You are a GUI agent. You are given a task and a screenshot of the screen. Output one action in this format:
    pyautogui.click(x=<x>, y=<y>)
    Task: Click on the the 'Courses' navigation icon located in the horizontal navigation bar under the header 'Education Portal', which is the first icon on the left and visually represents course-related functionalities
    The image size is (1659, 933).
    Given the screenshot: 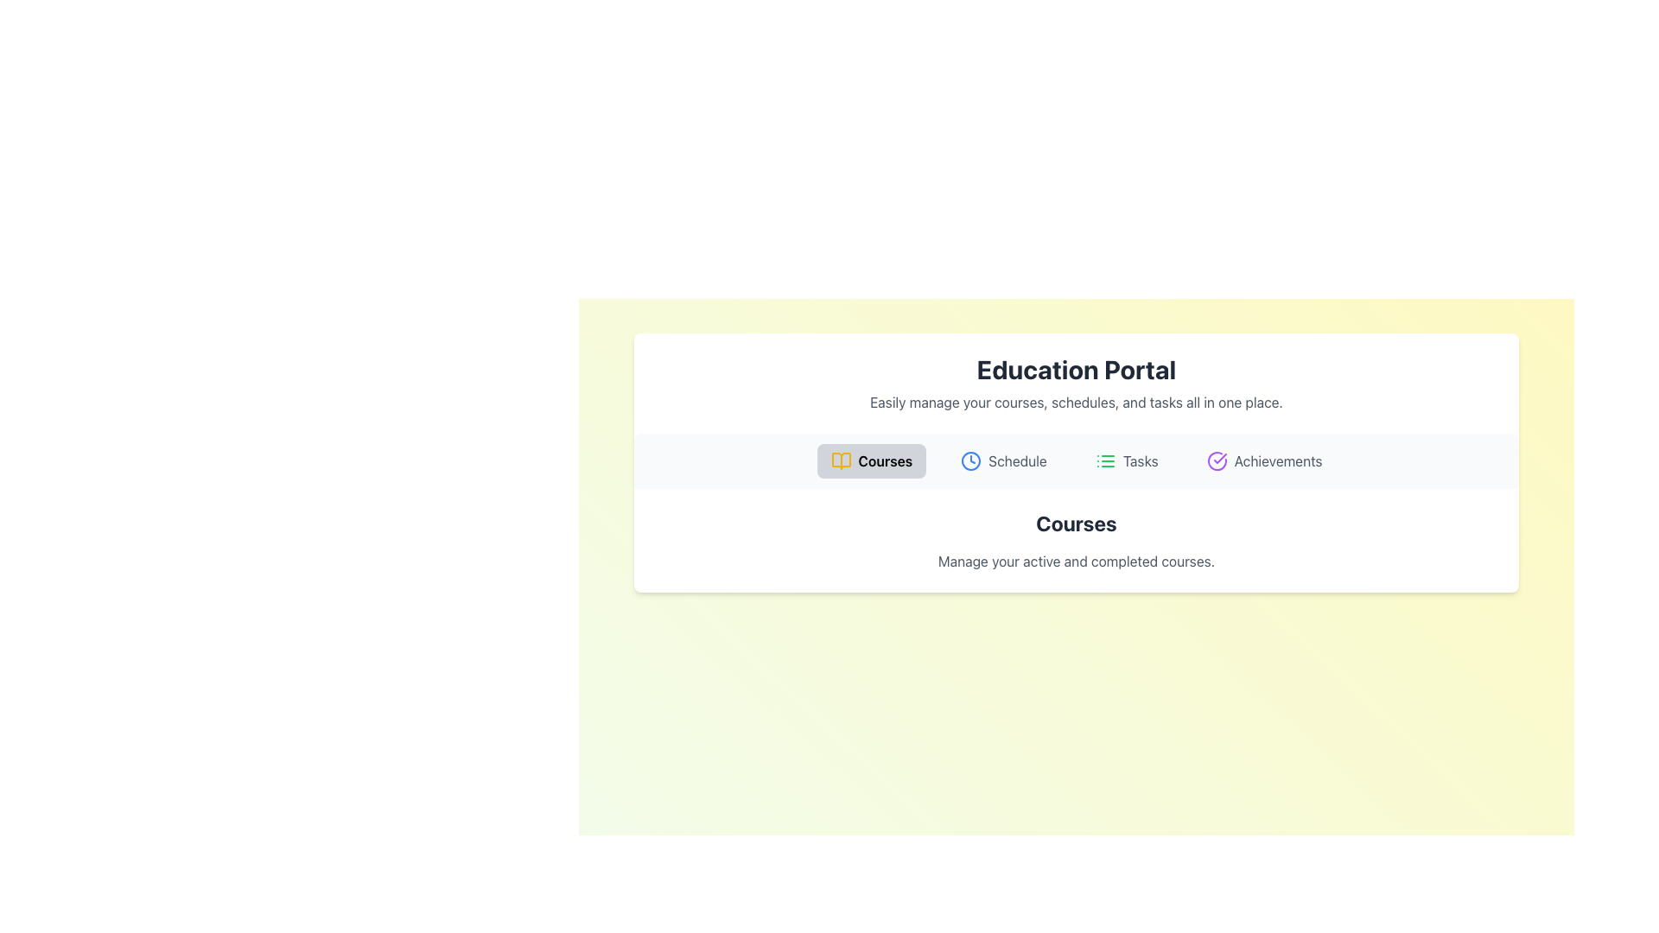 What is the action you would take?
    pyautogui.click(x=841, y=460)
    